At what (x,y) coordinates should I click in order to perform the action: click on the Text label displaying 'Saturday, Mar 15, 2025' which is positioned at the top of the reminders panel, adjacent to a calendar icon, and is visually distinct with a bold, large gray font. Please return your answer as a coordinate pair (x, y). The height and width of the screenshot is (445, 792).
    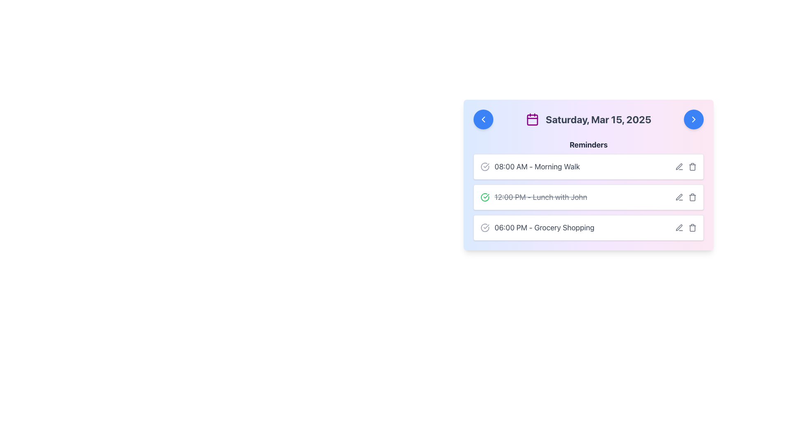
    Looking at the image, I should click on (598, 119).